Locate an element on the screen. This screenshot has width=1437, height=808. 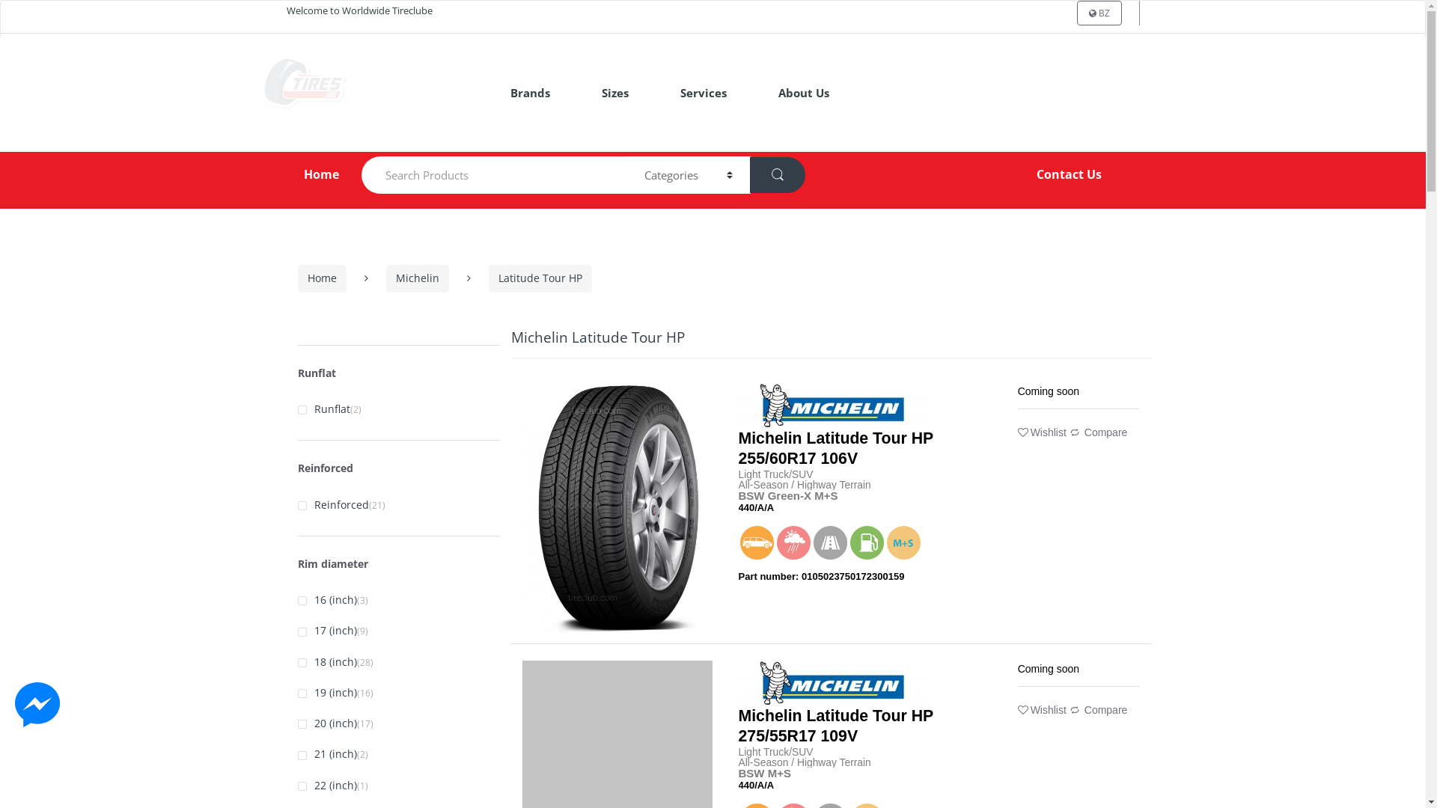
'20 (inch)' is located at coordinates (326, 723).